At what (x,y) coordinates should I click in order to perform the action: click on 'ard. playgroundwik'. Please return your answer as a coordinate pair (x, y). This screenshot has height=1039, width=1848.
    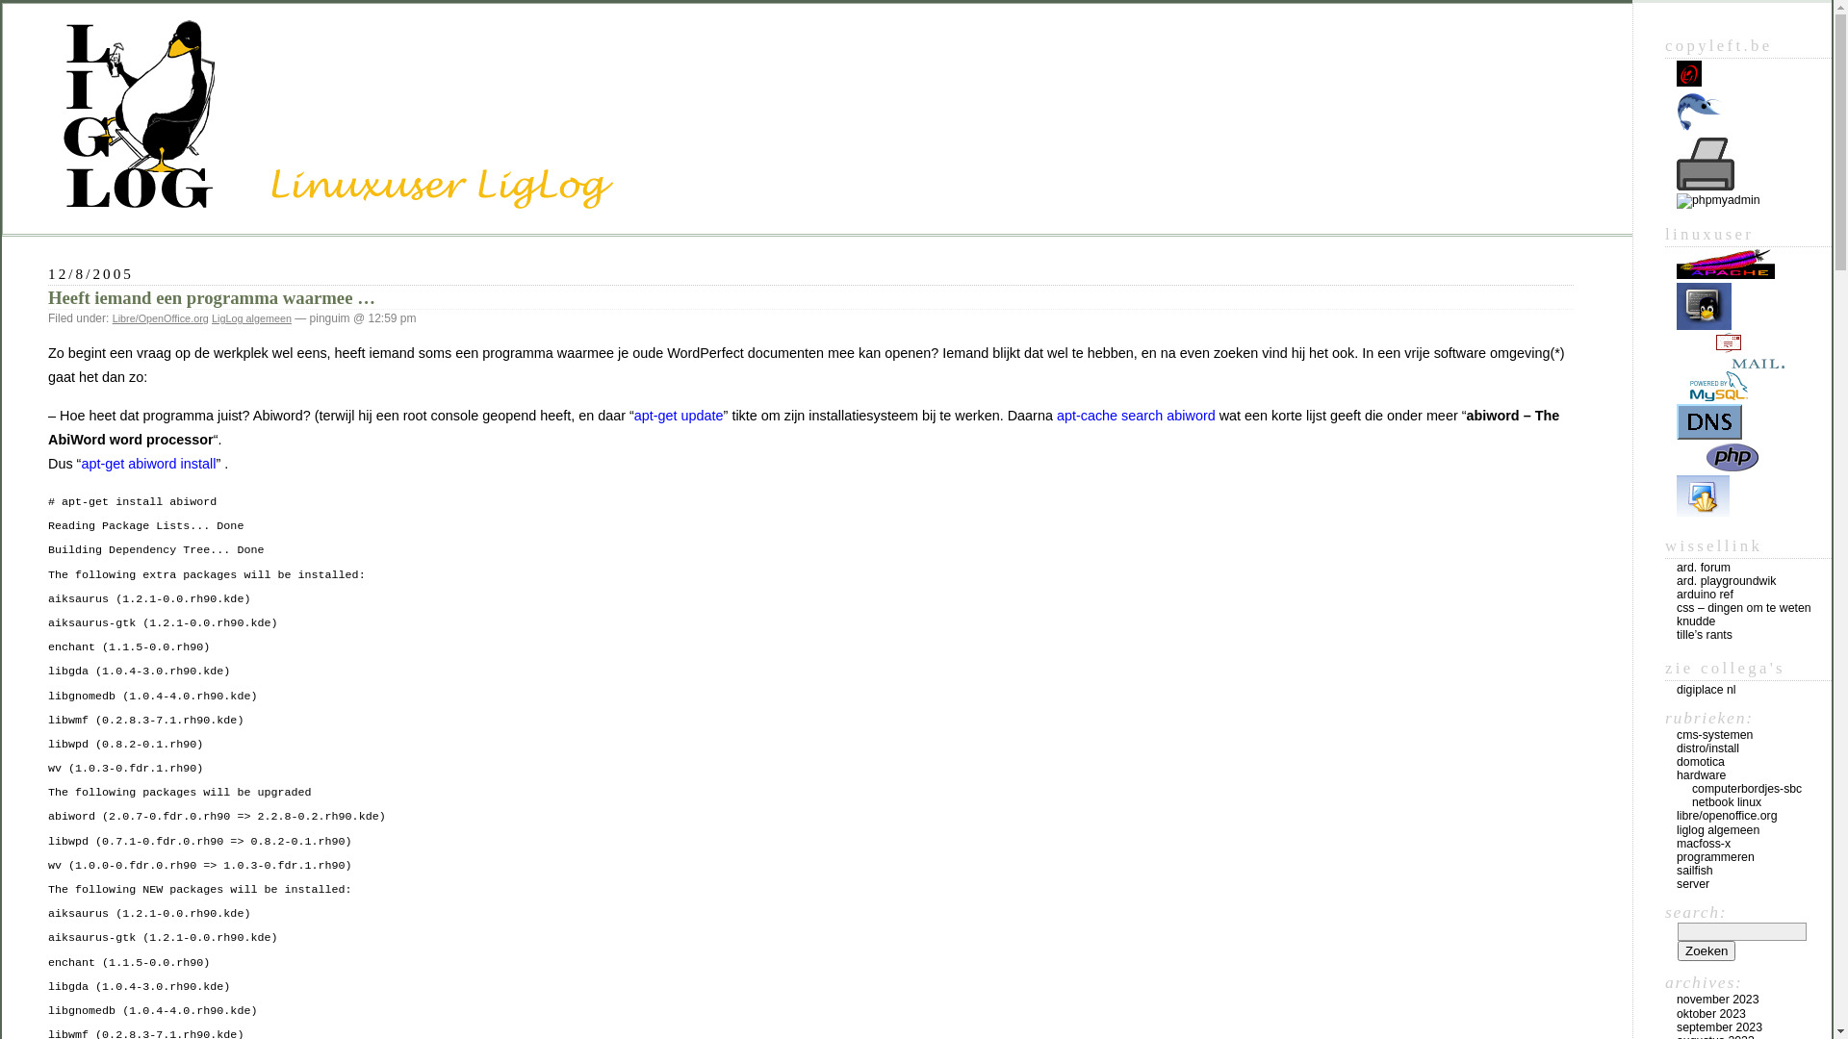
    Looking at the image, I should click on (1726, 580).